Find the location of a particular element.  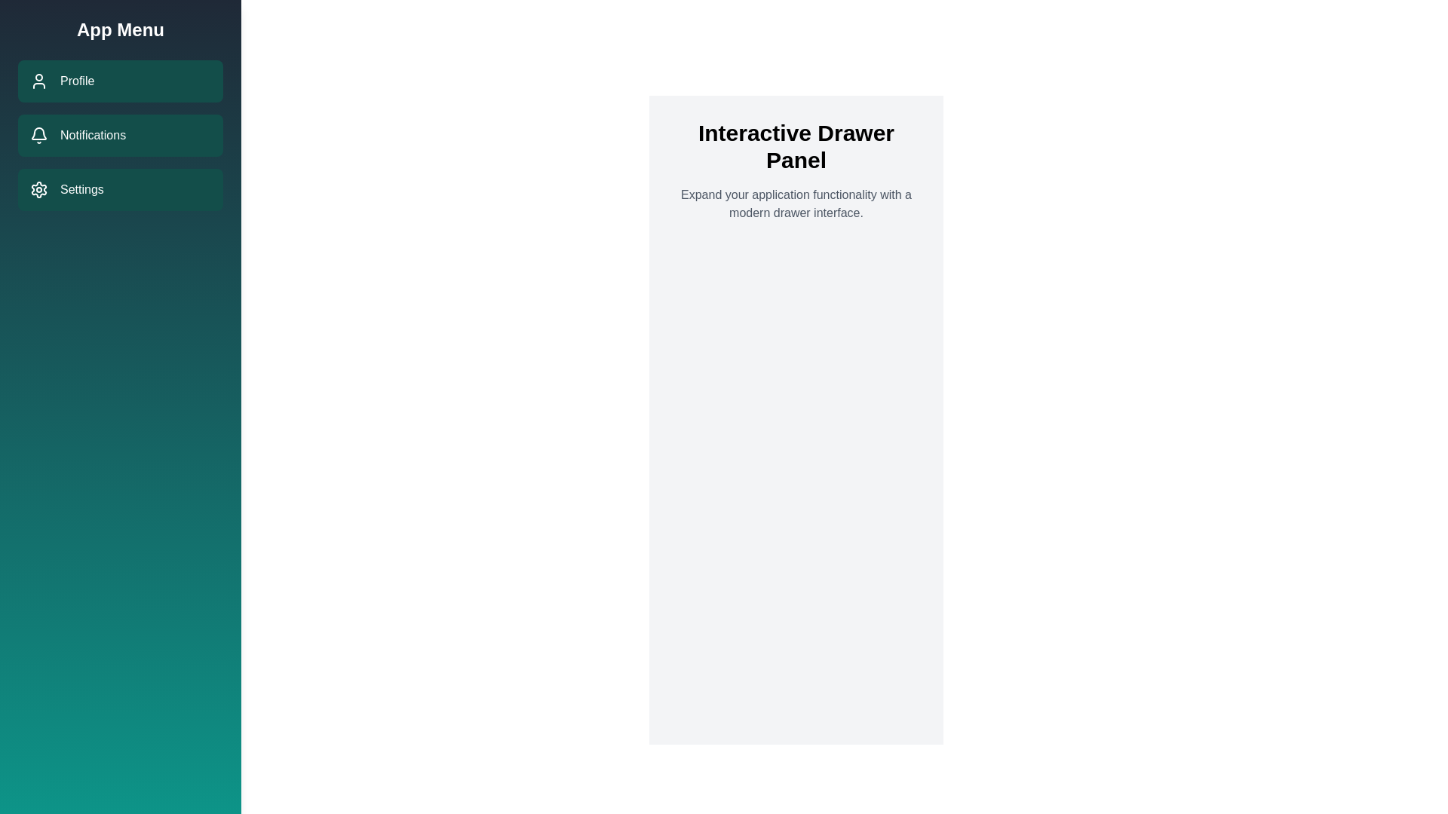

the toggle button at the top-left corner to toggle the drawer panel visibility is located at coordinates (29, 29).